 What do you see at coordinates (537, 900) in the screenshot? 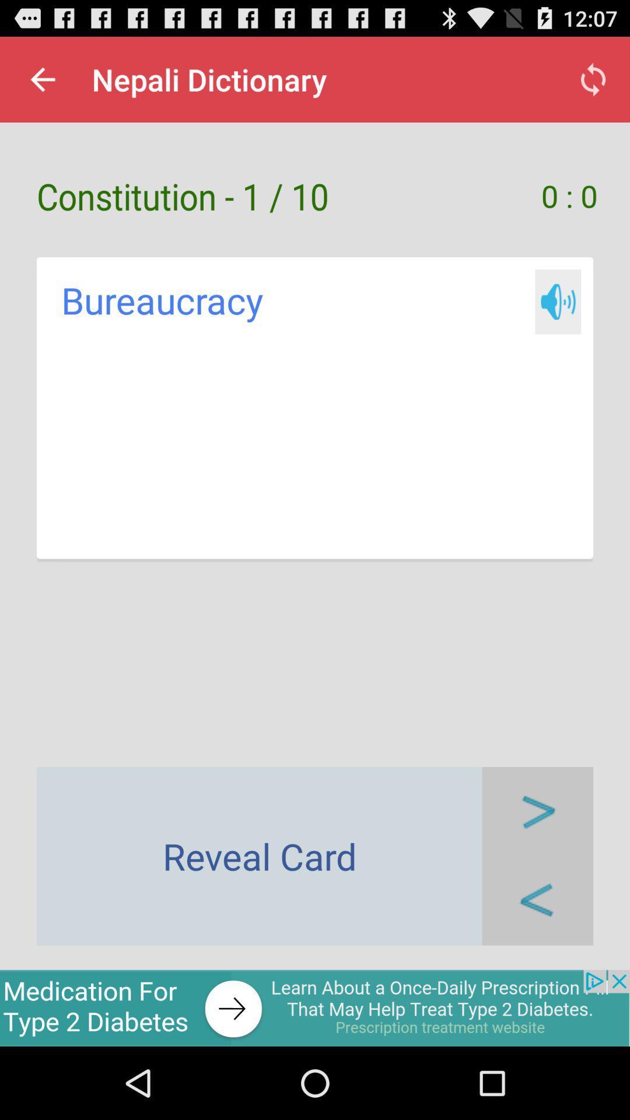
I see `go back` at bounding box center [537, 900].